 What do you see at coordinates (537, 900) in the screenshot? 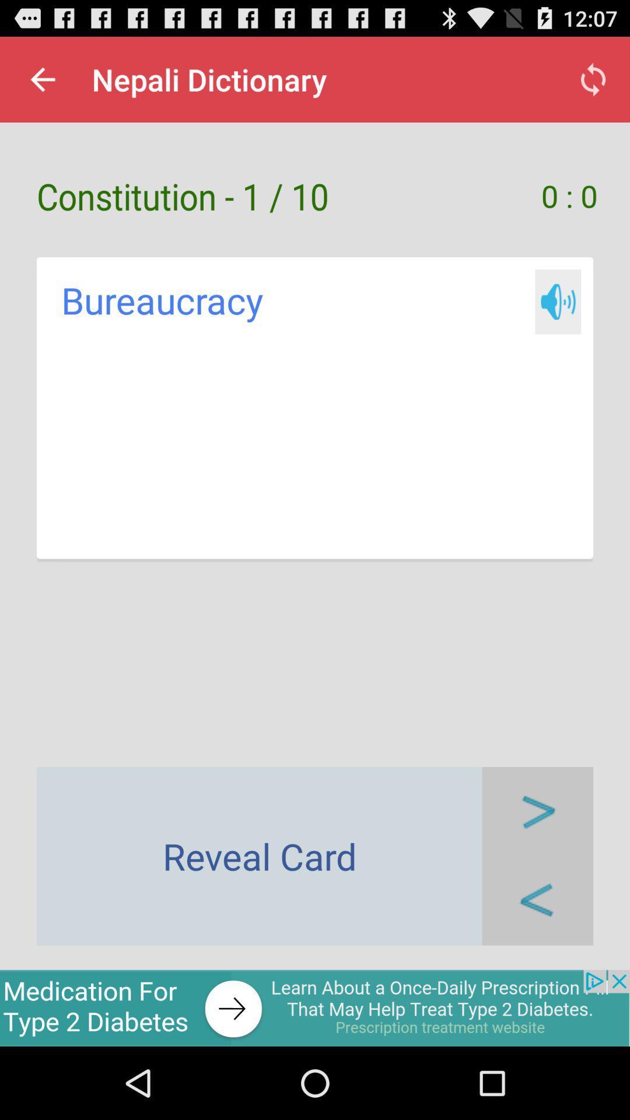
I see `go back` at bounding box center [537, 900].